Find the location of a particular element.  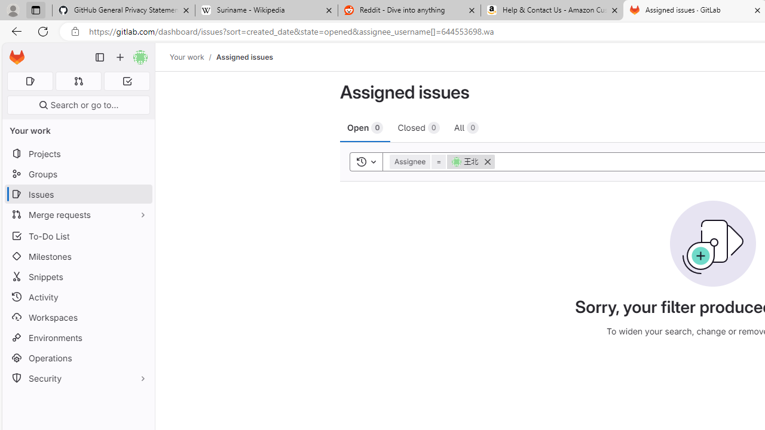

'Environments' is located at coordinates (78, 337).